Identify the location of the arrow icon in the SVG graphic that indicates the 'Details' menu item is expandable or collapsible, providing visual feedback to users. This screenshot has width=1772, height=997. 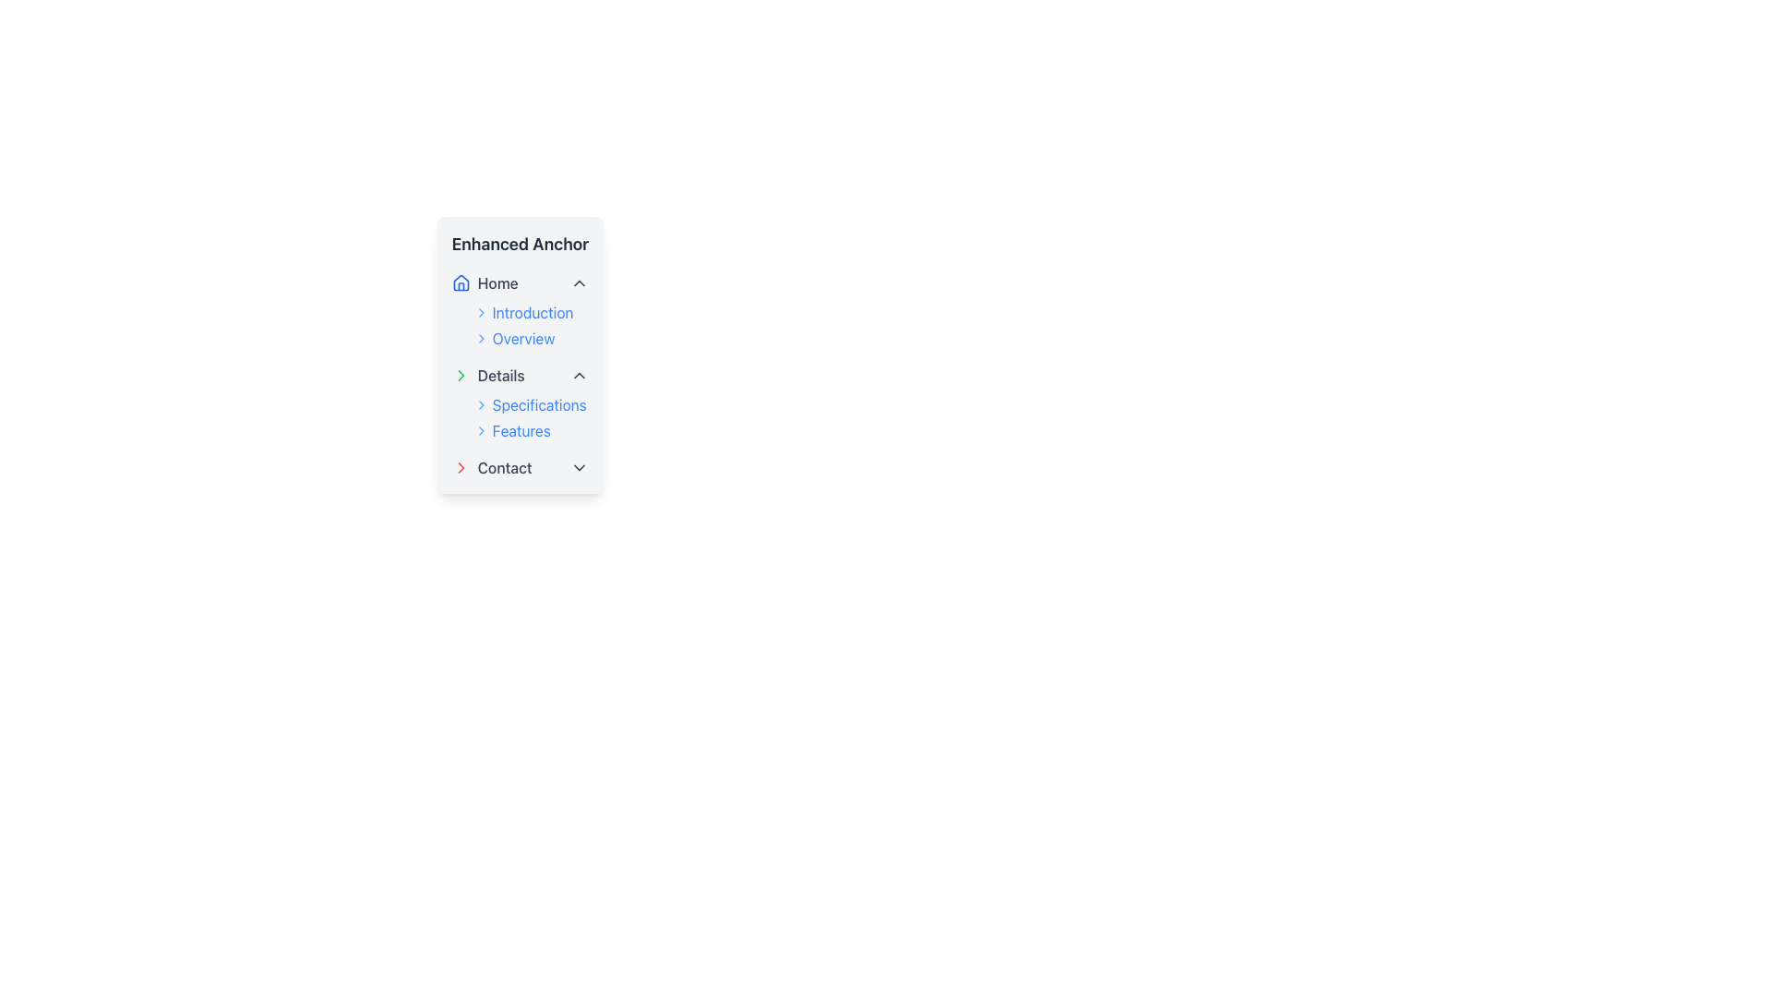
(461, 375).